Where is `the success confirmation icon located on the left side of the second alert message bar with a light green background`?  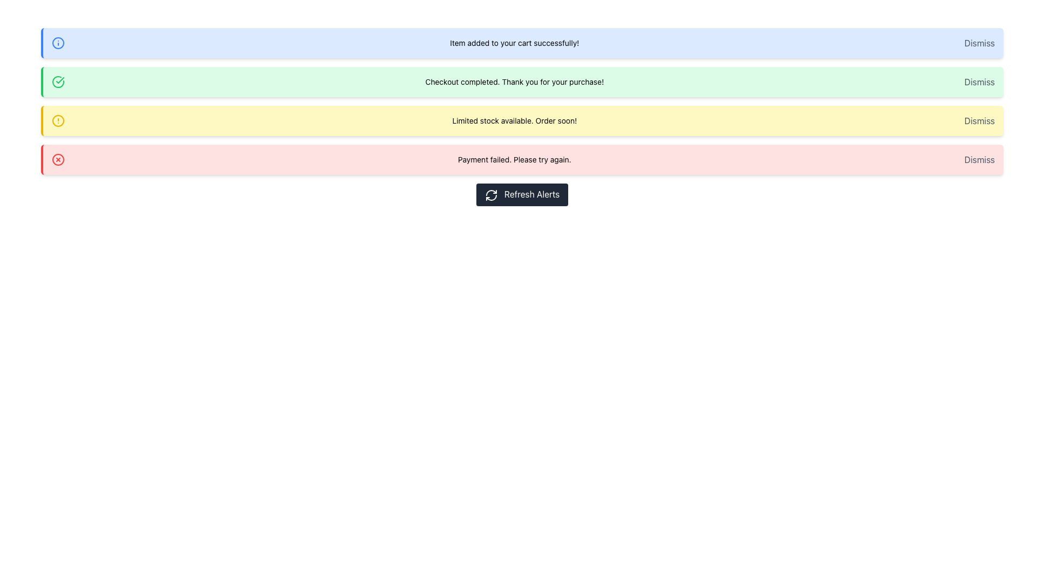
the success confirmation icon located on the left side of the second alert message bar with a light green background is located at coordinates (59, 80).